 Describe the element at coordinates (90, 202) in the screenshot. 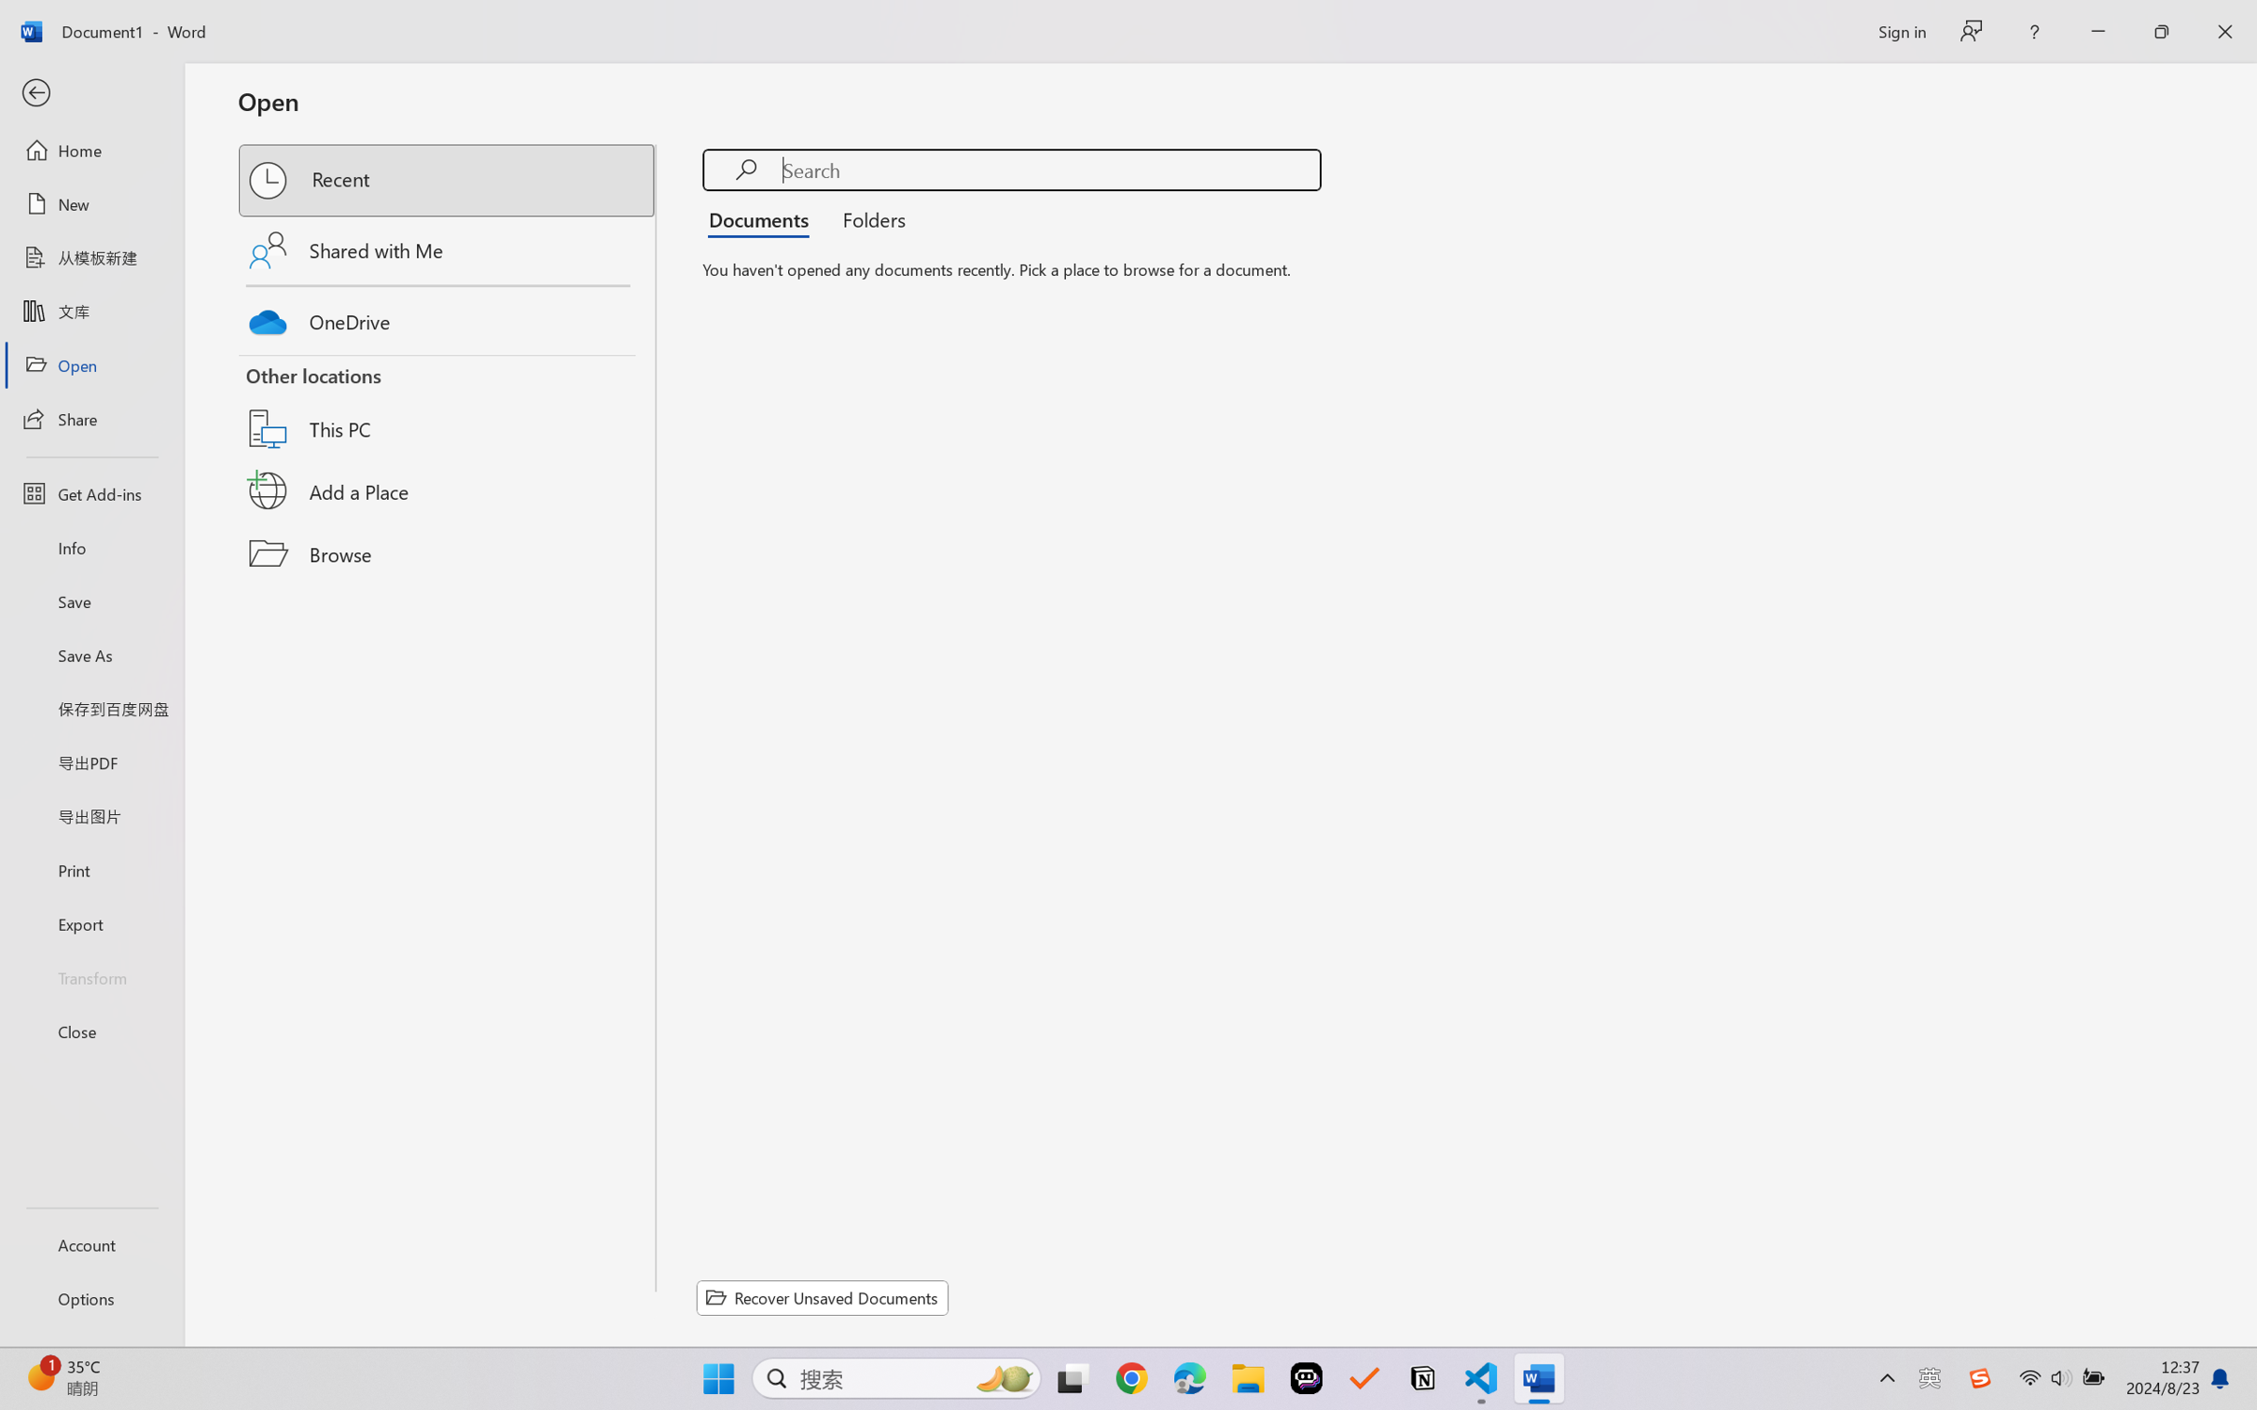

I see `'New'` at that location.